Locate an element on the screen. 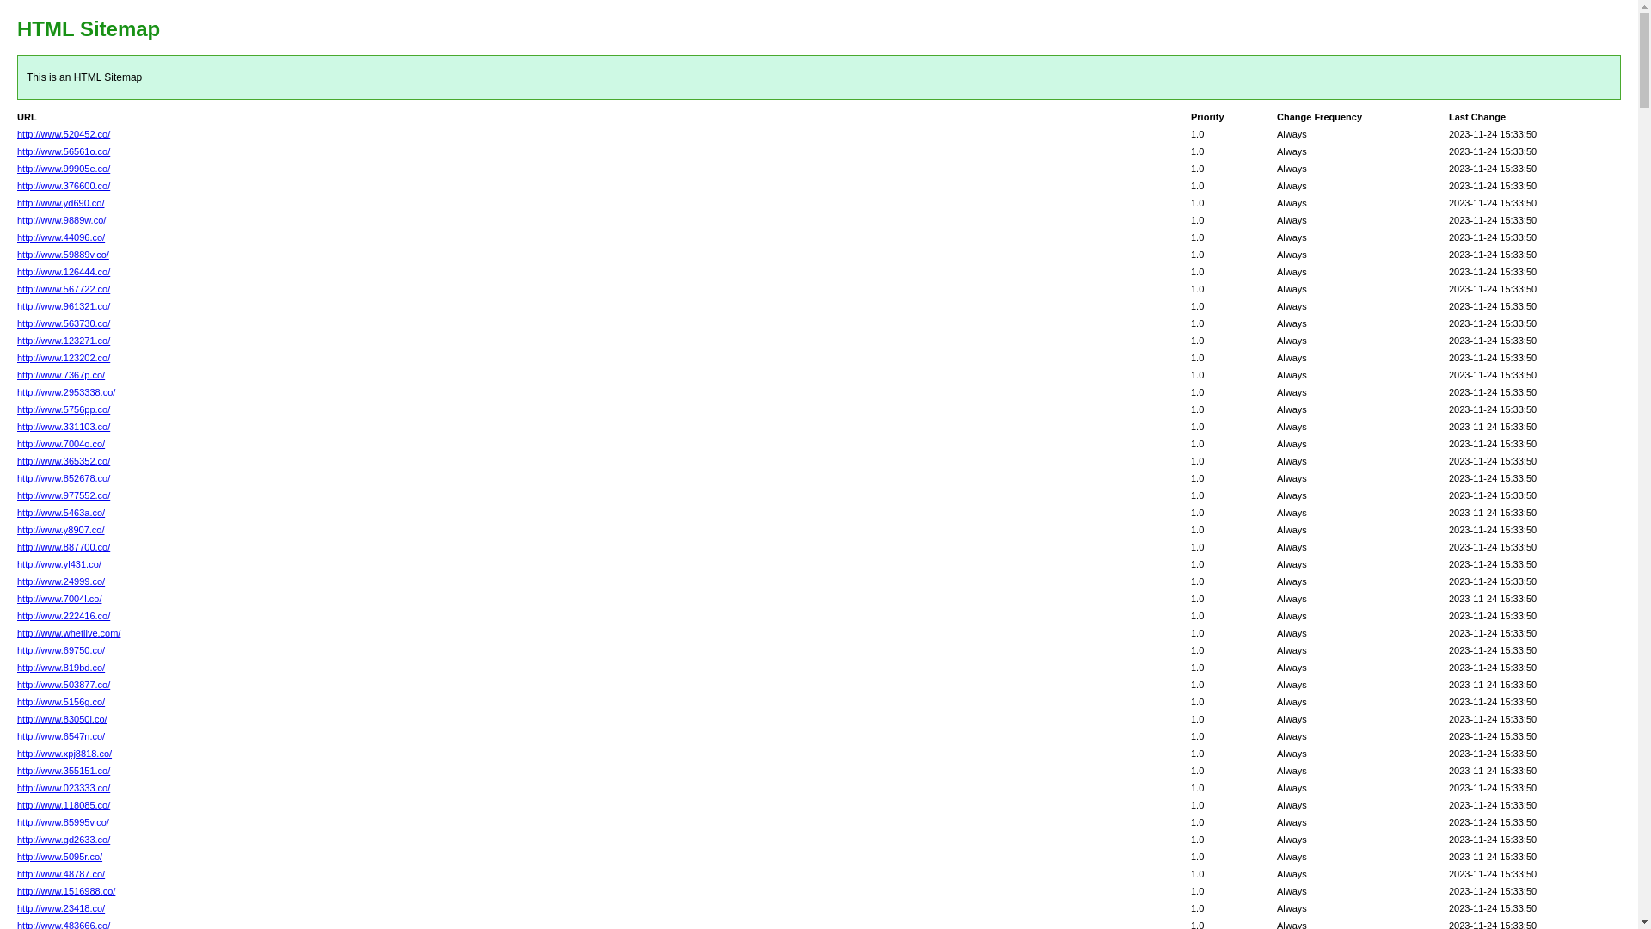 Image resolution: width=1651 pixels, height=929 pixels. 'http://www.819bd.co/' is located at coordinates (61, 666).